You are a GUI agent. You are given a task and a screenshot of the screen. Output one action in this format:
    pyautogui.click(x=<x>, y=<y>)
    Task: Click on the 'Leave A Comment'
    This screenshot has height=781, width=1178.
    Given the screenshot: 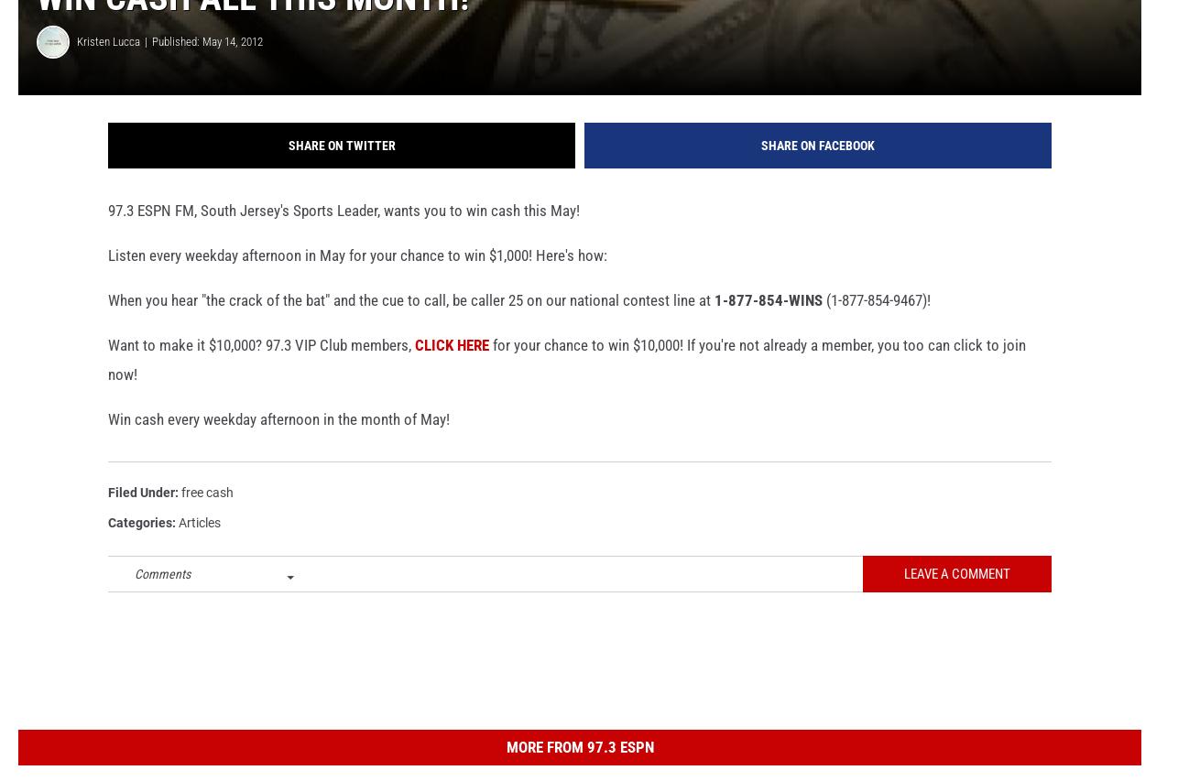 What is the action you would take?
    pyautogui.click(x=956, y=602)
    